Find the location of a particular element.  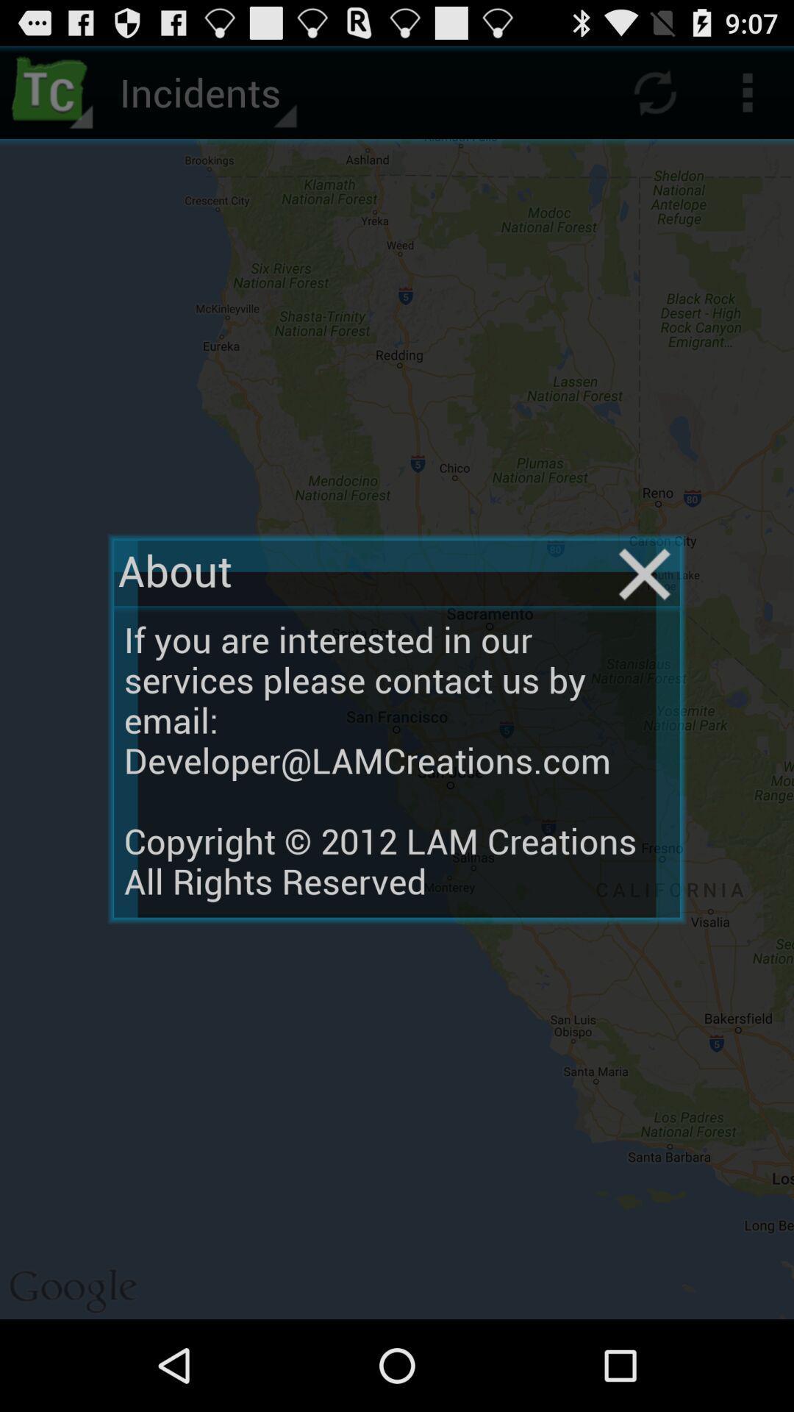

item to the right of the about item is located at coordinates (644, 574).